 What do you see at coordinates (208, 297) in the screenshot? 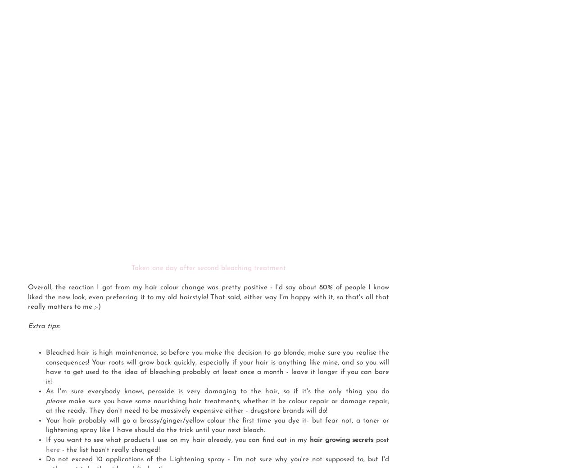
I see `'Overall, the reaction I got from my hair colour change was pretty positive - I'd say about 80% of people I know liked the new look, even preferring it to my old hairstyle! That said, either way I'm happy with it, so that's all that really matters to me ;-)'` at bounding box center [208, 297].